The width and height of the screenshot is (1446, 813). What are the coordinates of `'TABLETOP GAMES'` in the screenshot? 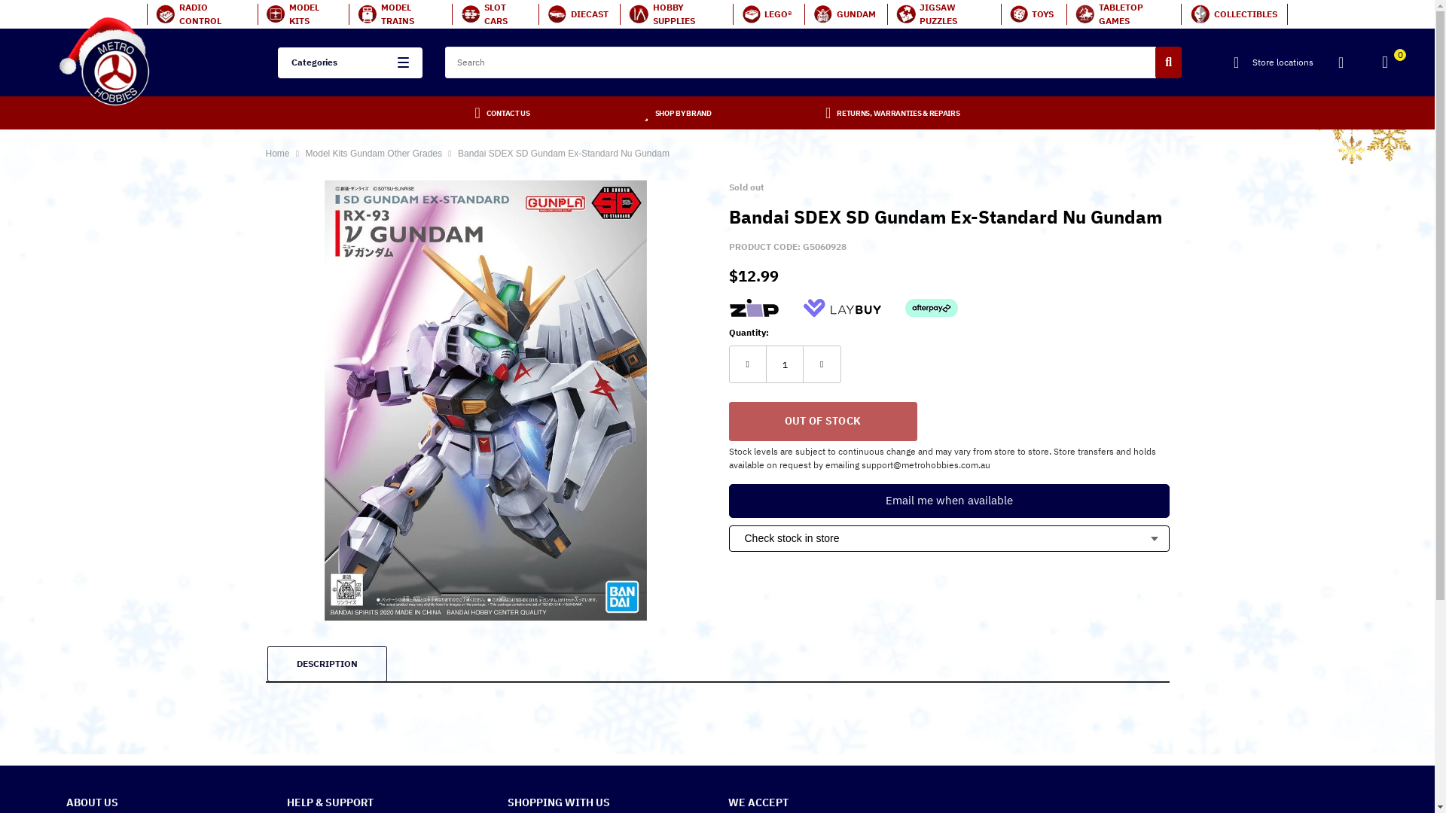 It's located at (1124, 14).